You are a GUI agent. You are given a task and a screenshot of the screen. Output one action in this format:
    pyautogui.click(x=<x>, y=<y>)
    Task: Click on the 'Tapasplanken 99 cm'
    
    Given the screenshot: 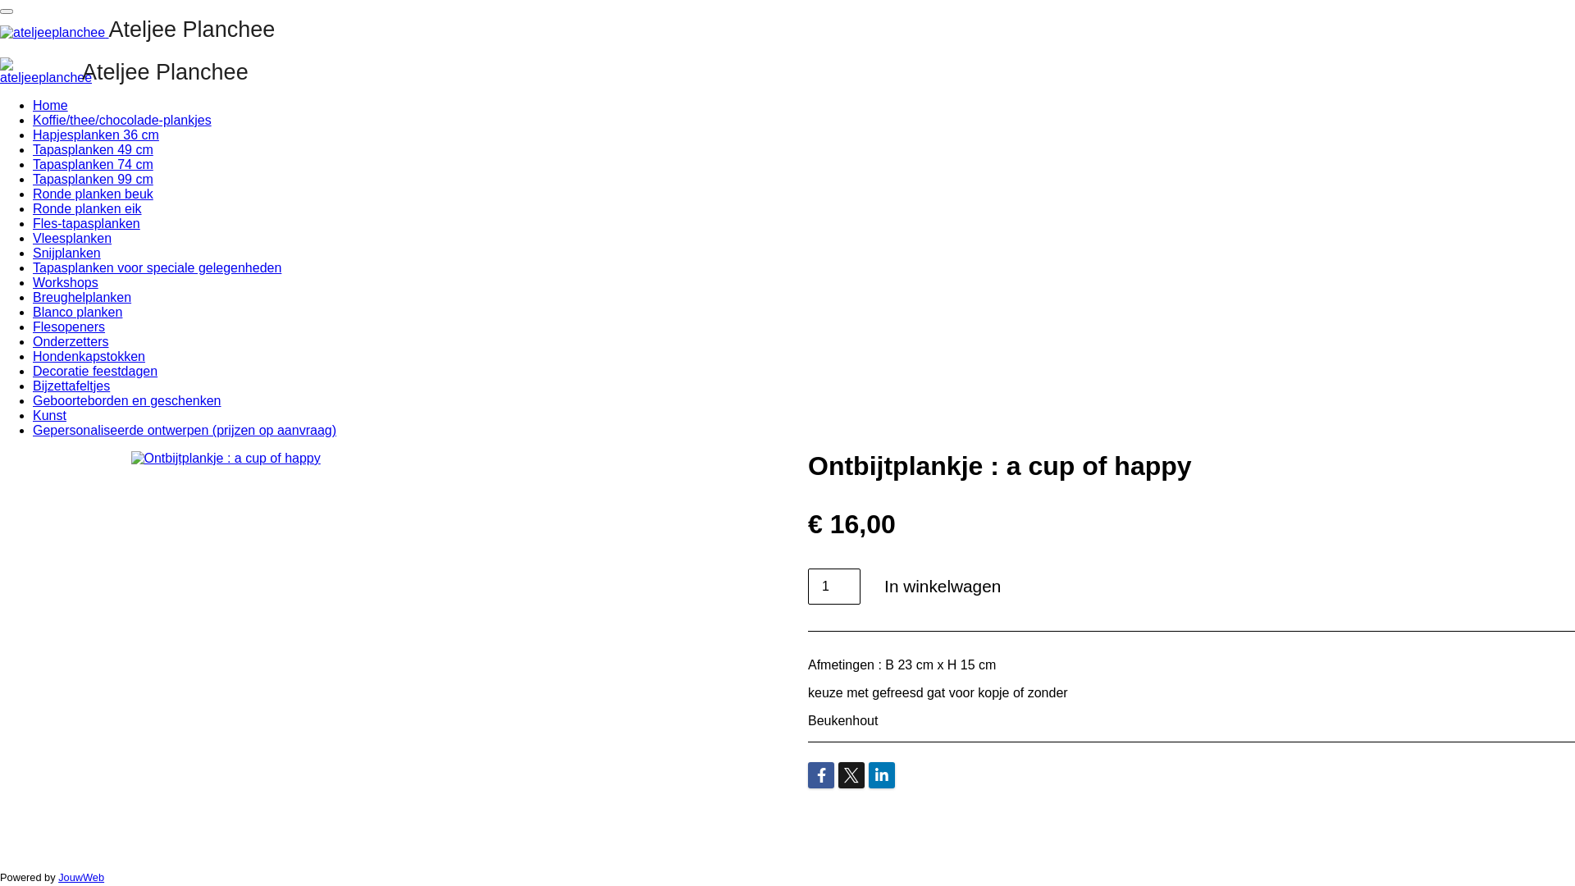 What is the action you would take?
    pyautogui.click(x=92, y=179)
    